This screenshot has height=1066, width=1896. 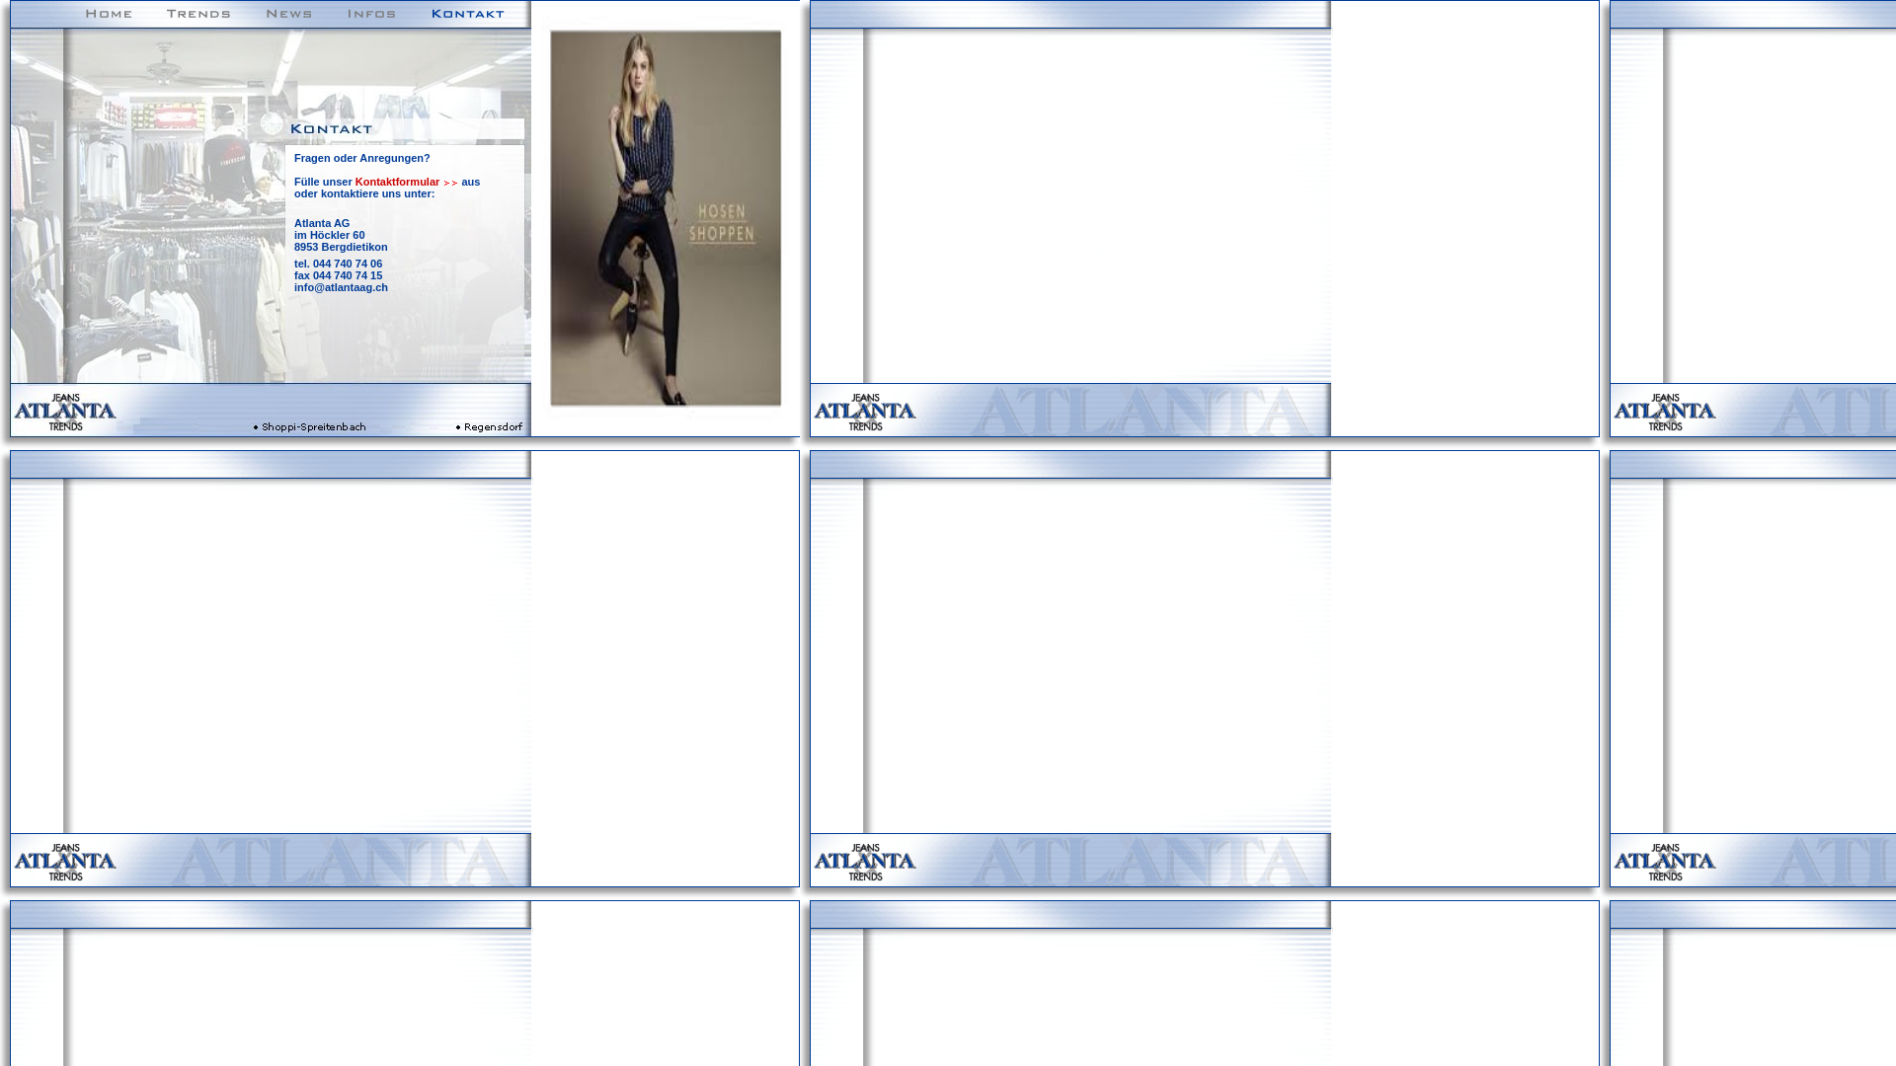 I want to click on 'Kontaktformular', so click(x=355, y=182).